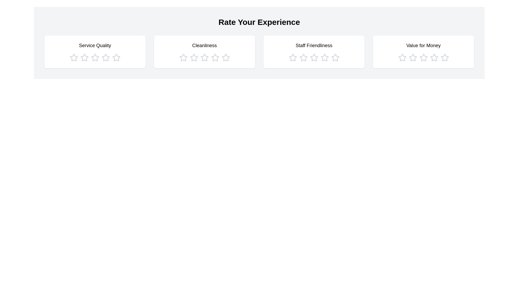 Image resolution: width=509 pixels, height=286 pixels. I want to click on the star icon corresponding to 5 stars in the category Value for Money, so click(445, 58).